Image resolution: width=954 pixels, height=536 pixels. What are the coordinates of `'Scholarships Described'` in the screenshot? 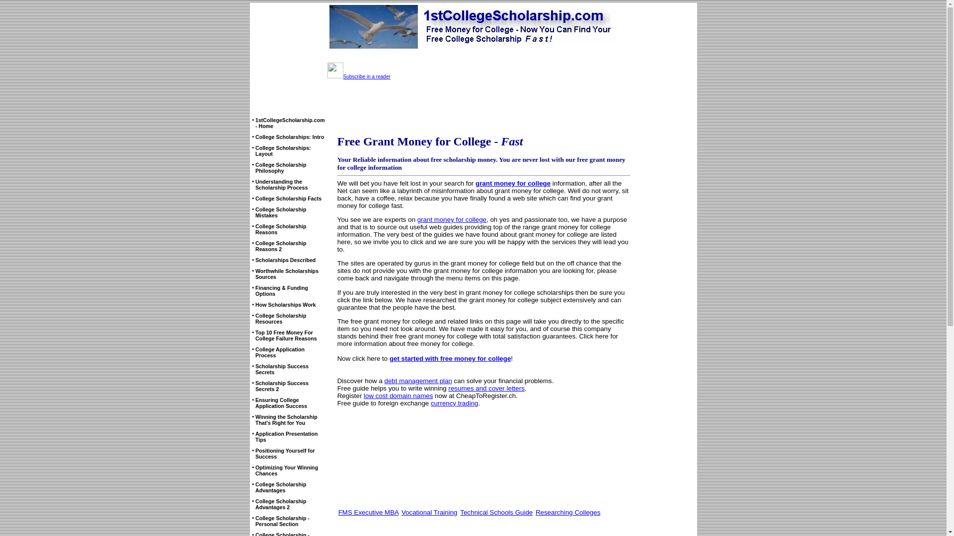 It's located at (285, 260).